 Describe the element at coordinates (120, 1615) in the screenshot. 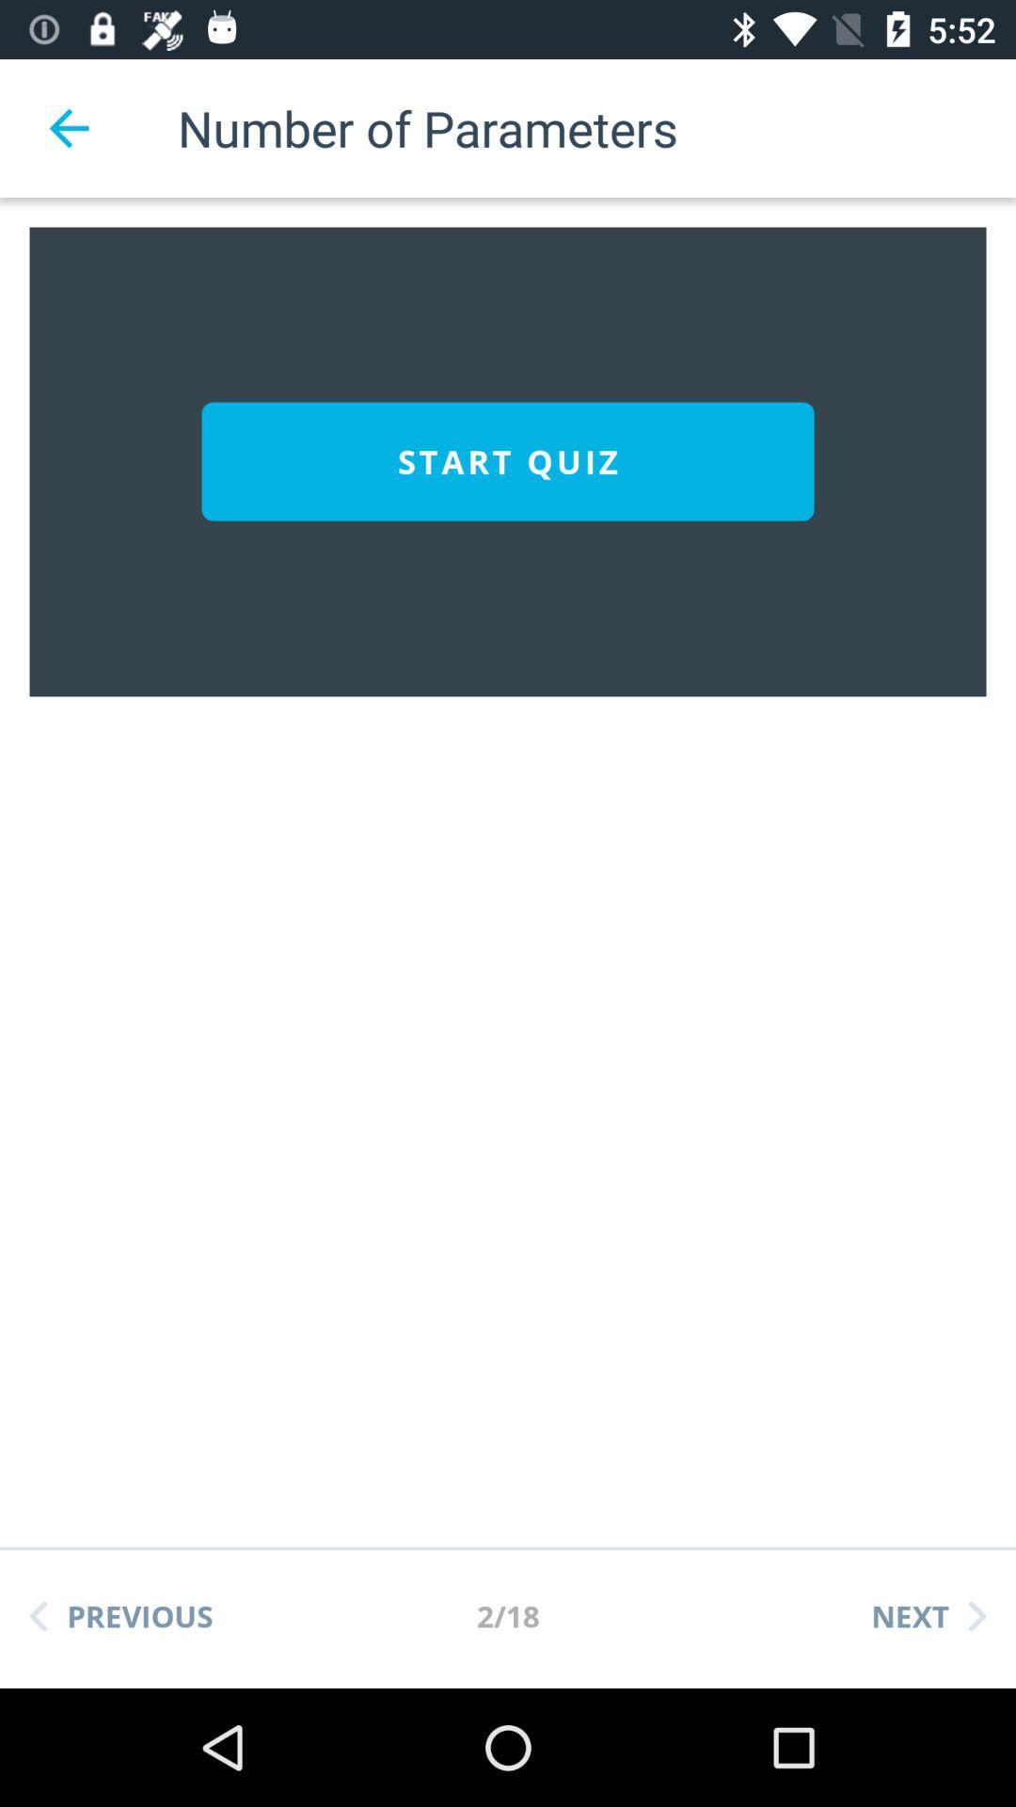

I see `the icon next to 2/18 item` at that location.